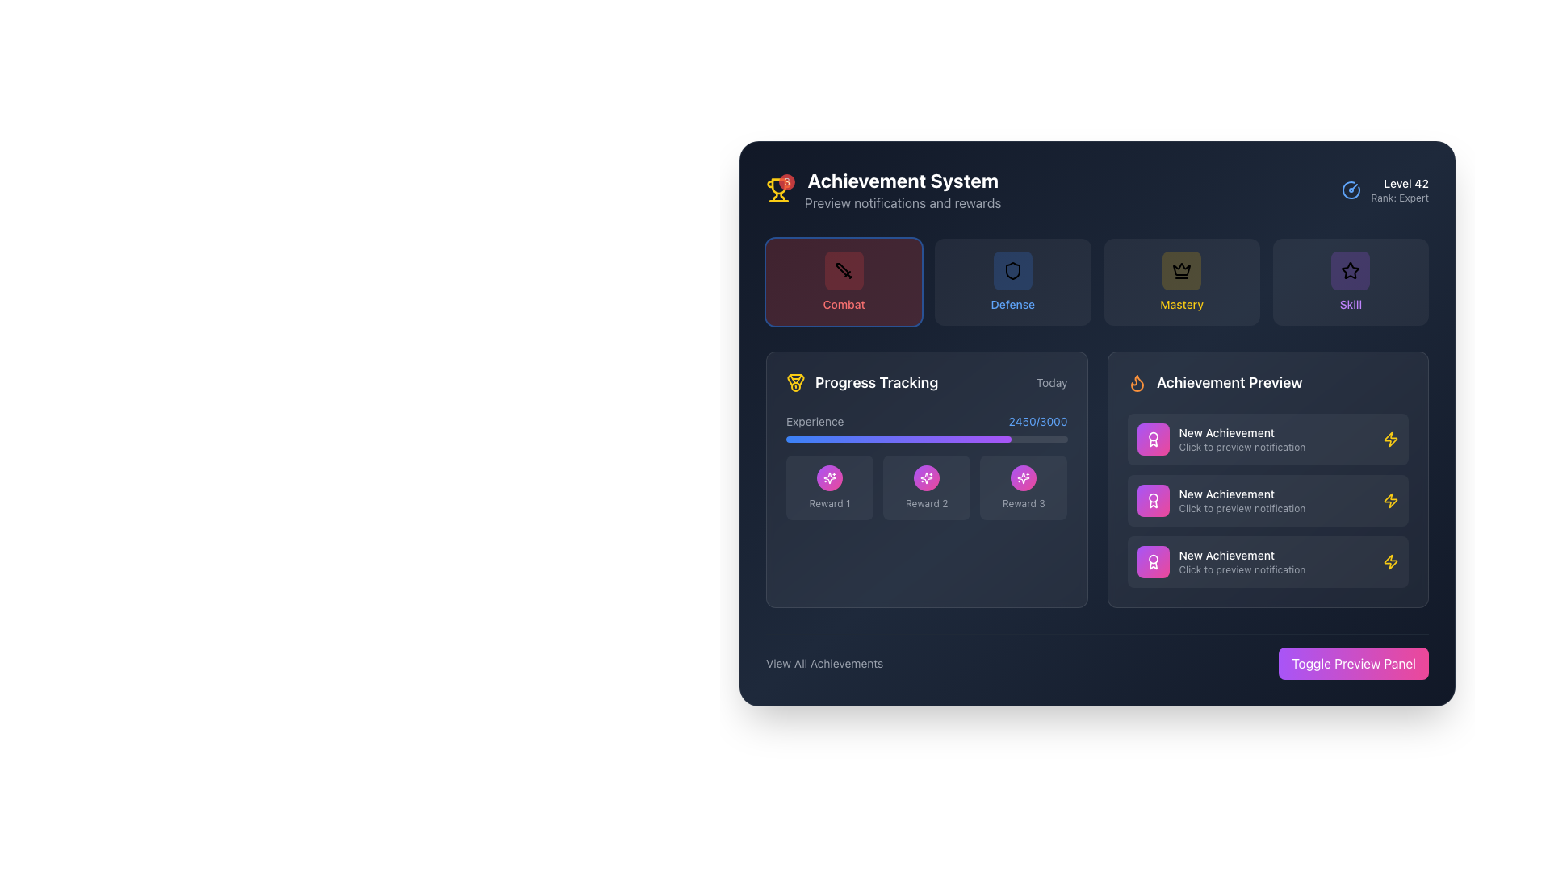 This screenshot has width=1550, height=871. I want to click on the central reward item ('Reward 2') in the Grid layout of the Progress Tracking section using keyboard navigation, so click(927, 487).